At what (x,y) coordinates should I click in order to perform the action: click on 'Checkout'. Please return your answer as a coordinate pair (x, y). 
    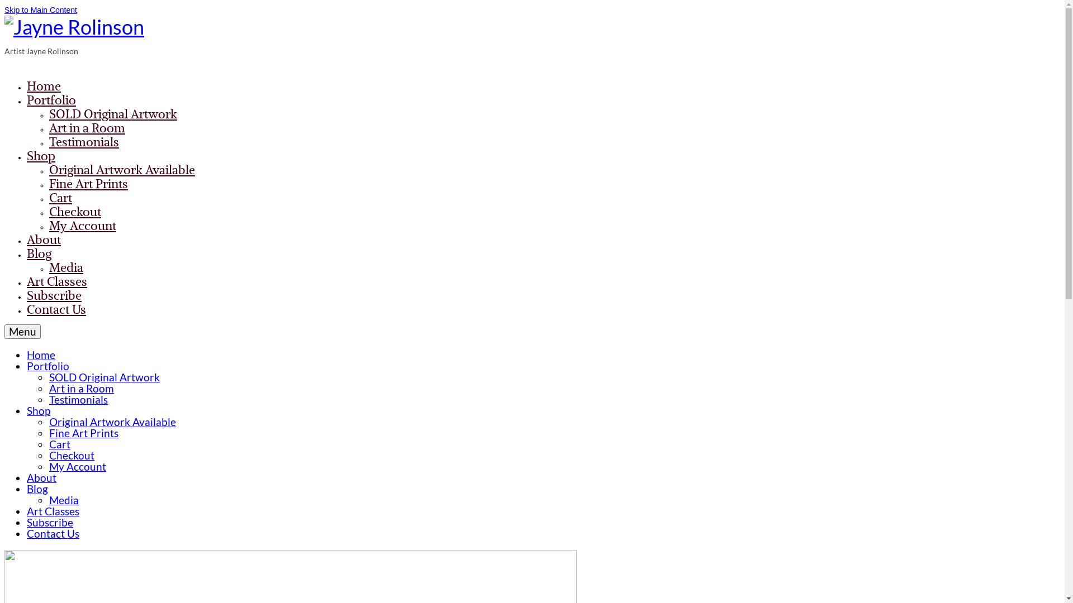
    Looking at the image, I should click on (71, 455).